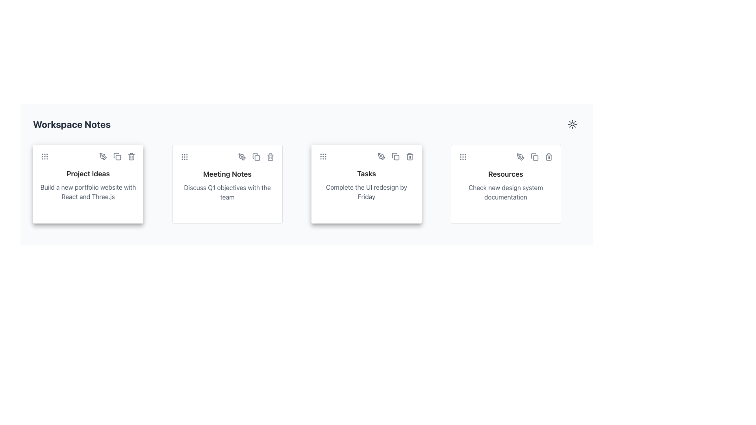  I want to click on the 'Project Ideas' informational card, so click(88, 184).